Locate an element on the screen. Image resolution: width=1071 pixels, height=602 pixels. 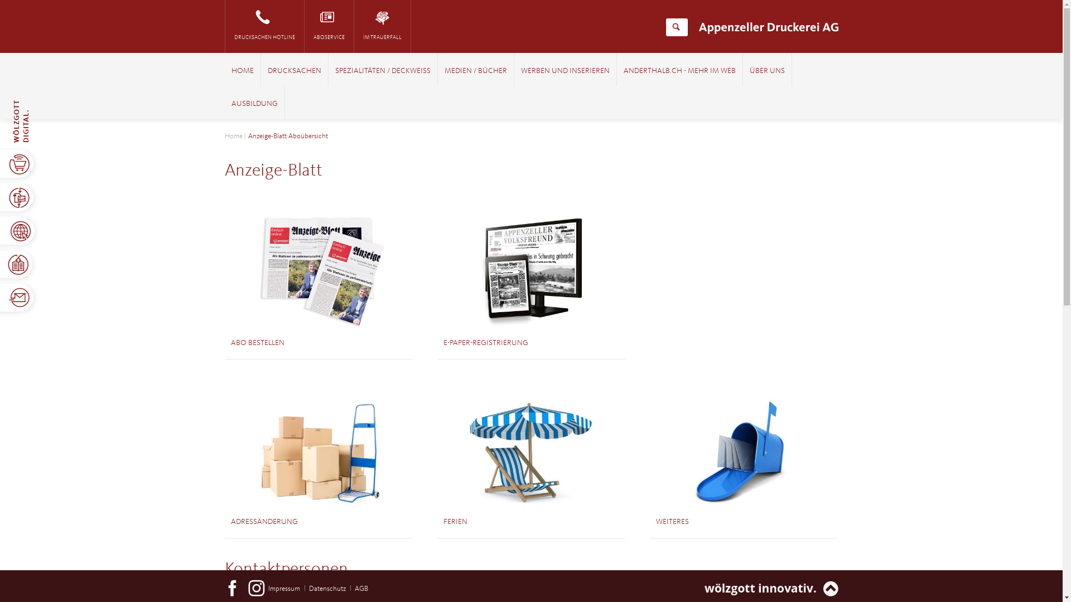
'WERBEN UND INSERIEREN' is located at coordinates (565, 71).